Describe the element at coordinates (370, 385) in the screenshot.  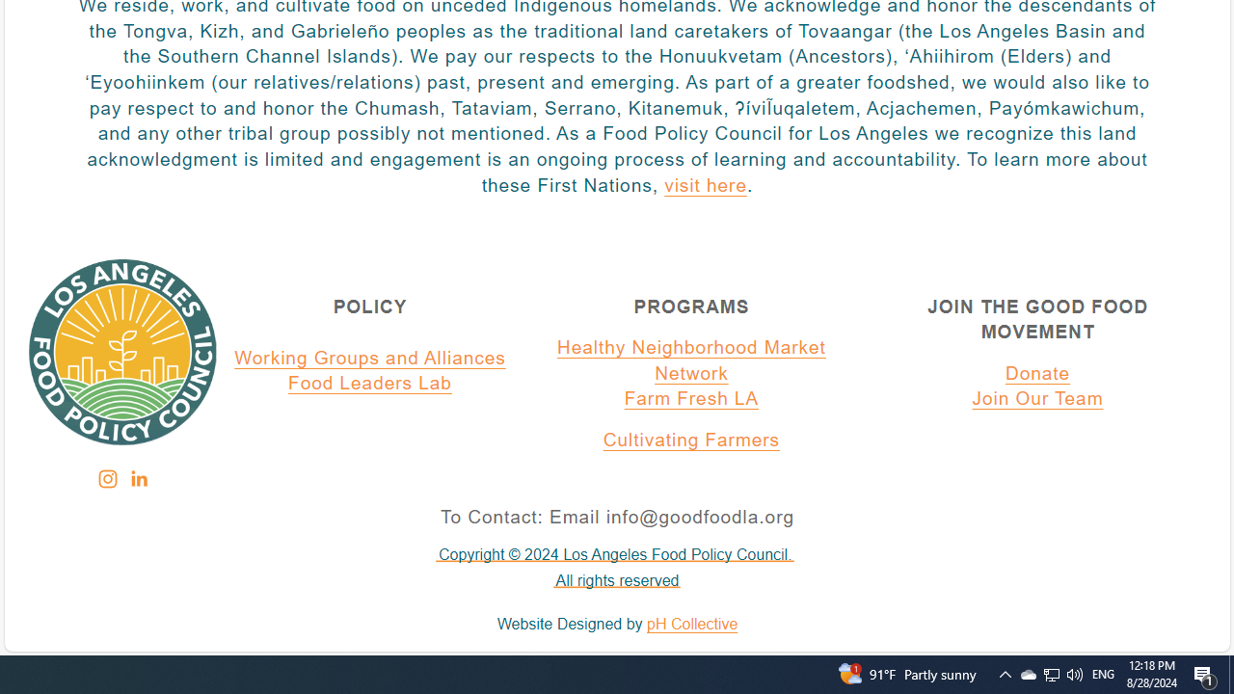
I see `'Food Leaders Lab'` at that location.